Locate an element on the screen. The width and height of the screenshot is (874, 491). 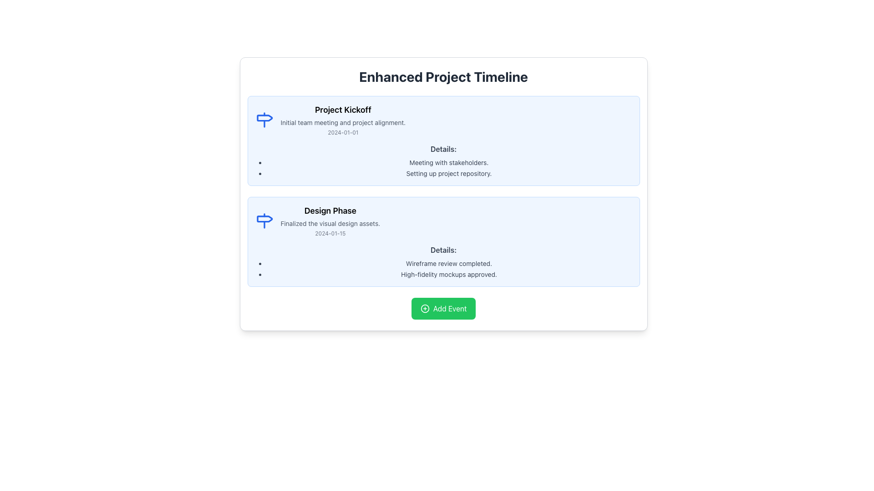
text element that provides information about the approval of high-fidelity mockups, located in the 'Details' section as the second item in the bulleted list of the 'Design Phase' is located at coordinates (449, 274).